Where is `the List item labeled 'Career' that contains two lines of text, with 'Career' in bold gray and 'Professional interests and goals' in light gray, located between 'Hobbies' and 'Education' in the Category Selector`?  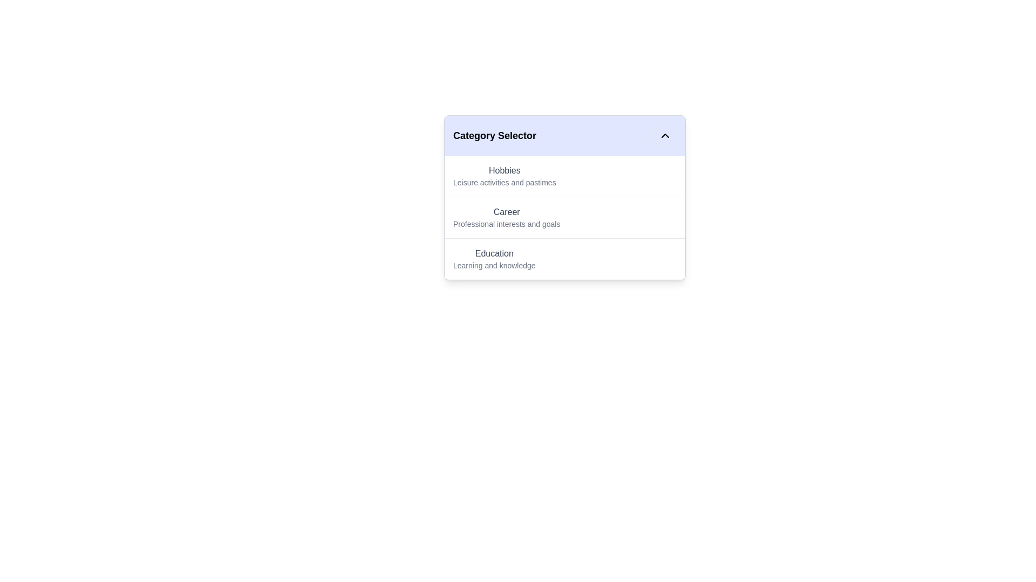
the List item labeled 'Career' that contains two lines of text, with 'Career' in bold gray and 'Professional interests and goals' in light gray, located between 'Hobbies' and 'Education' in the Category Selector is located at coordinates (564, 217).